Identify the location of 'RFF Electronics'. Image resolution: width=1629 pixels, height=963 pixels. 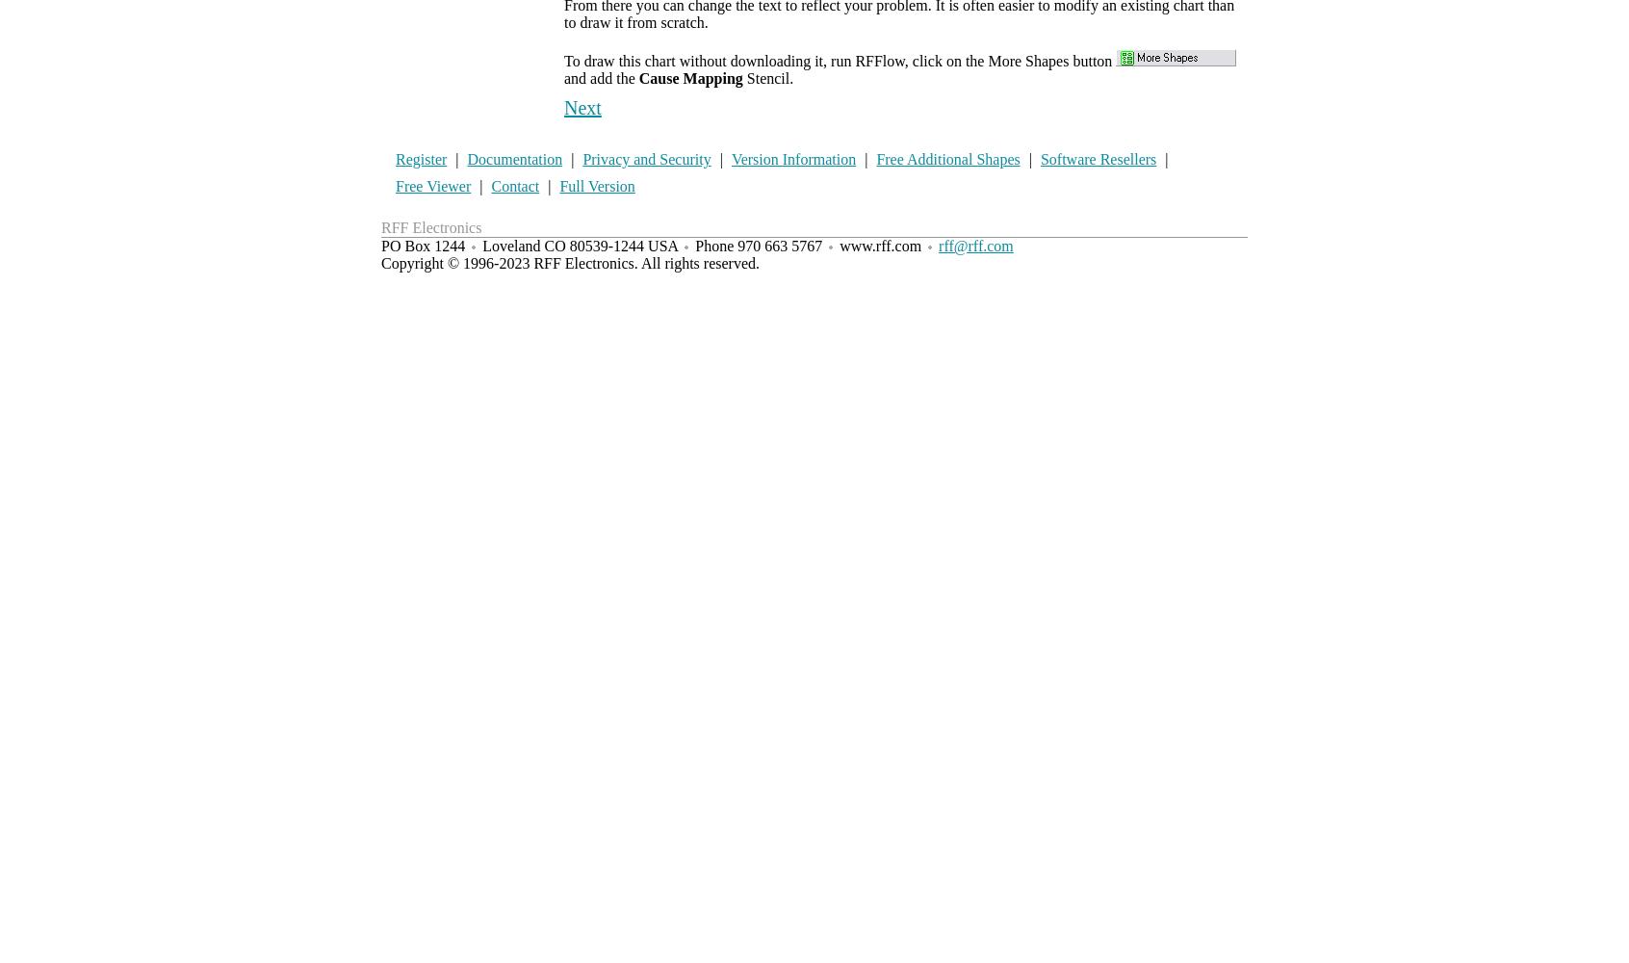
(430, 226).